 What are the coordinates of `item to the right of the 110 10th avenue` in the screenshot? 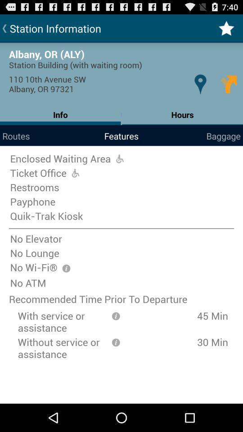 It's located at (200, 84).